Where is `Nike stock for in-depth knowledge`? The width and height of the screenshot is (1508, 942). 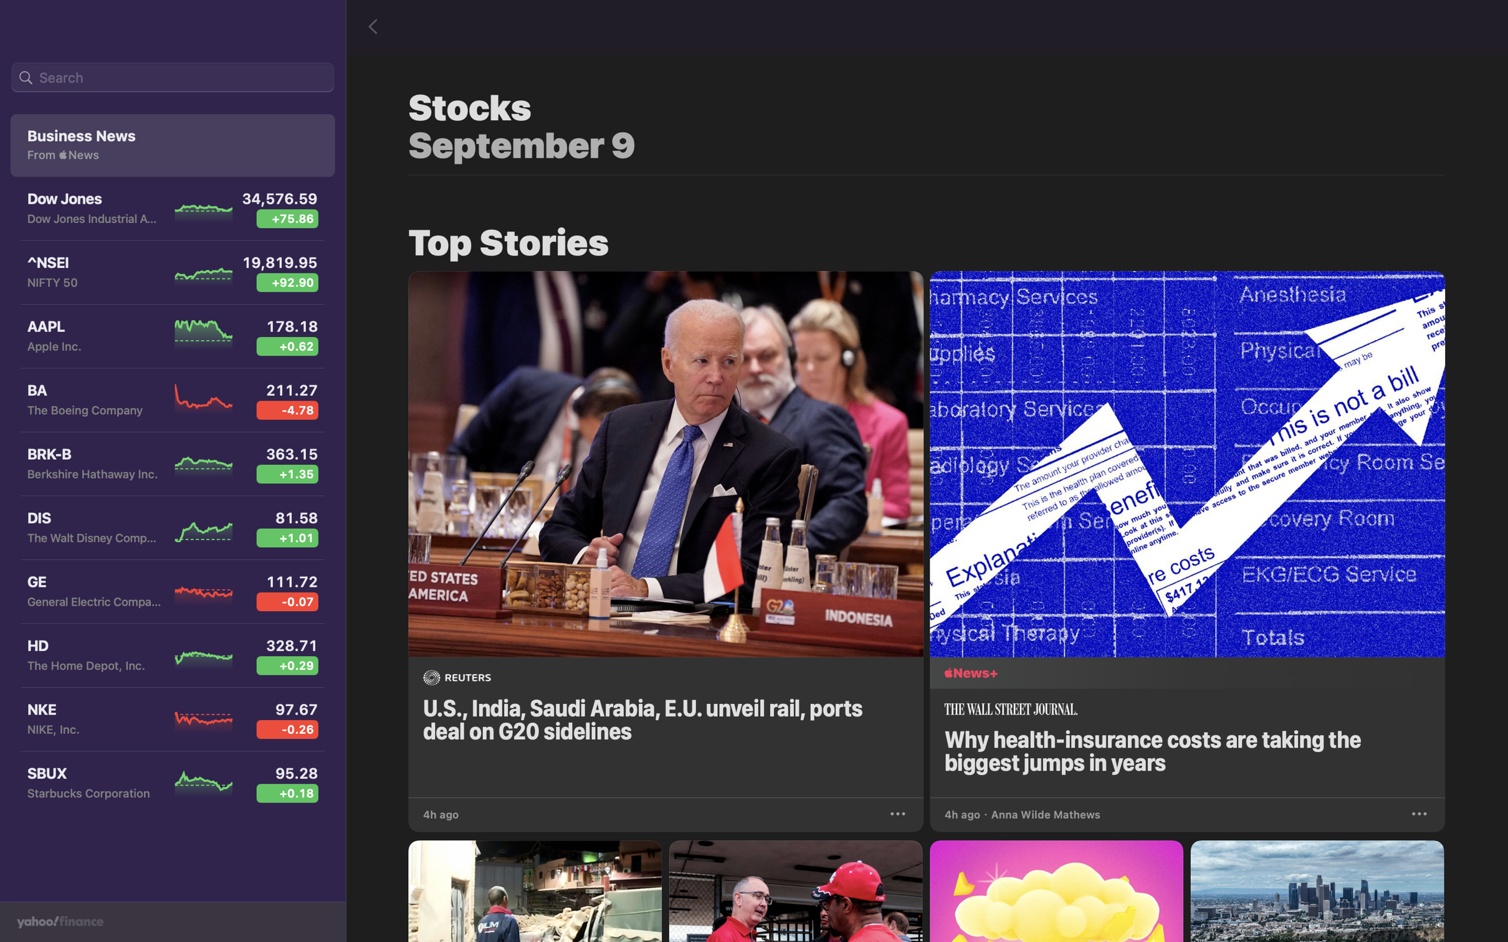
Nike stock for in-depth knowledge is located at coordinates (172, 725).